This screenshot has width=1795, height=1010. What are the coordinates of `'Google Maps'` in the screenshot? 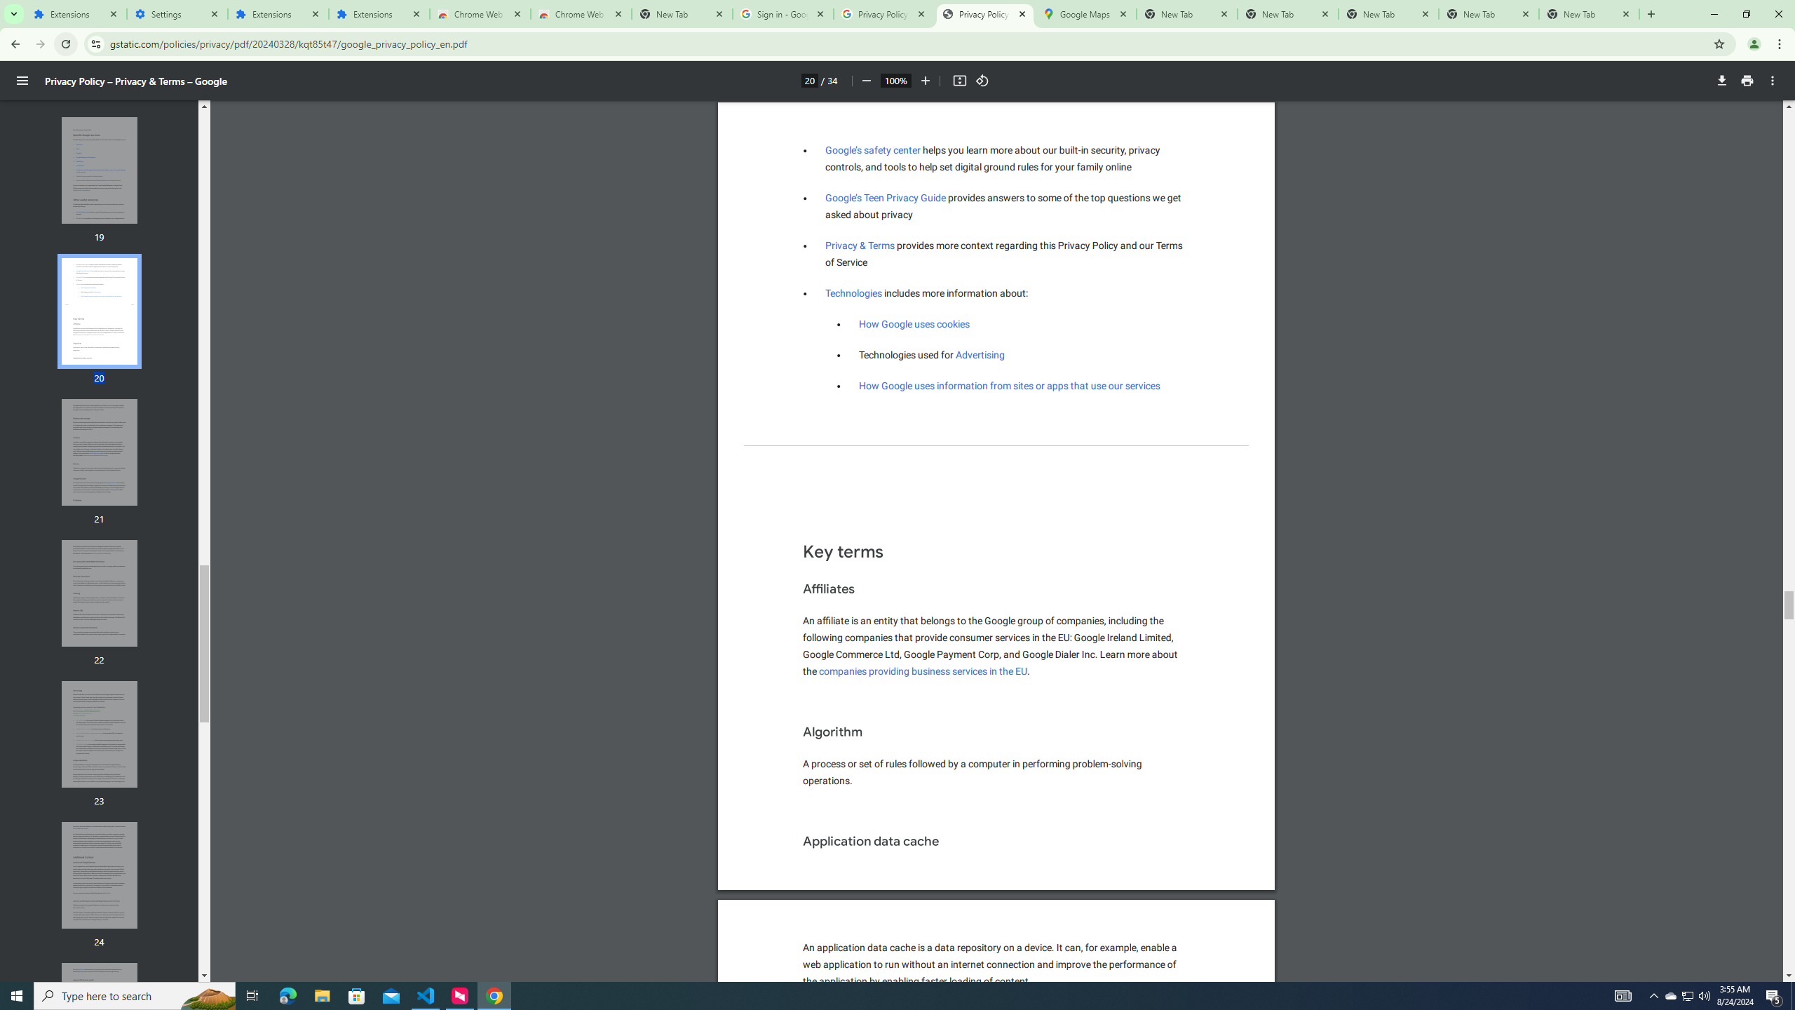 It's located at (1085, 13).